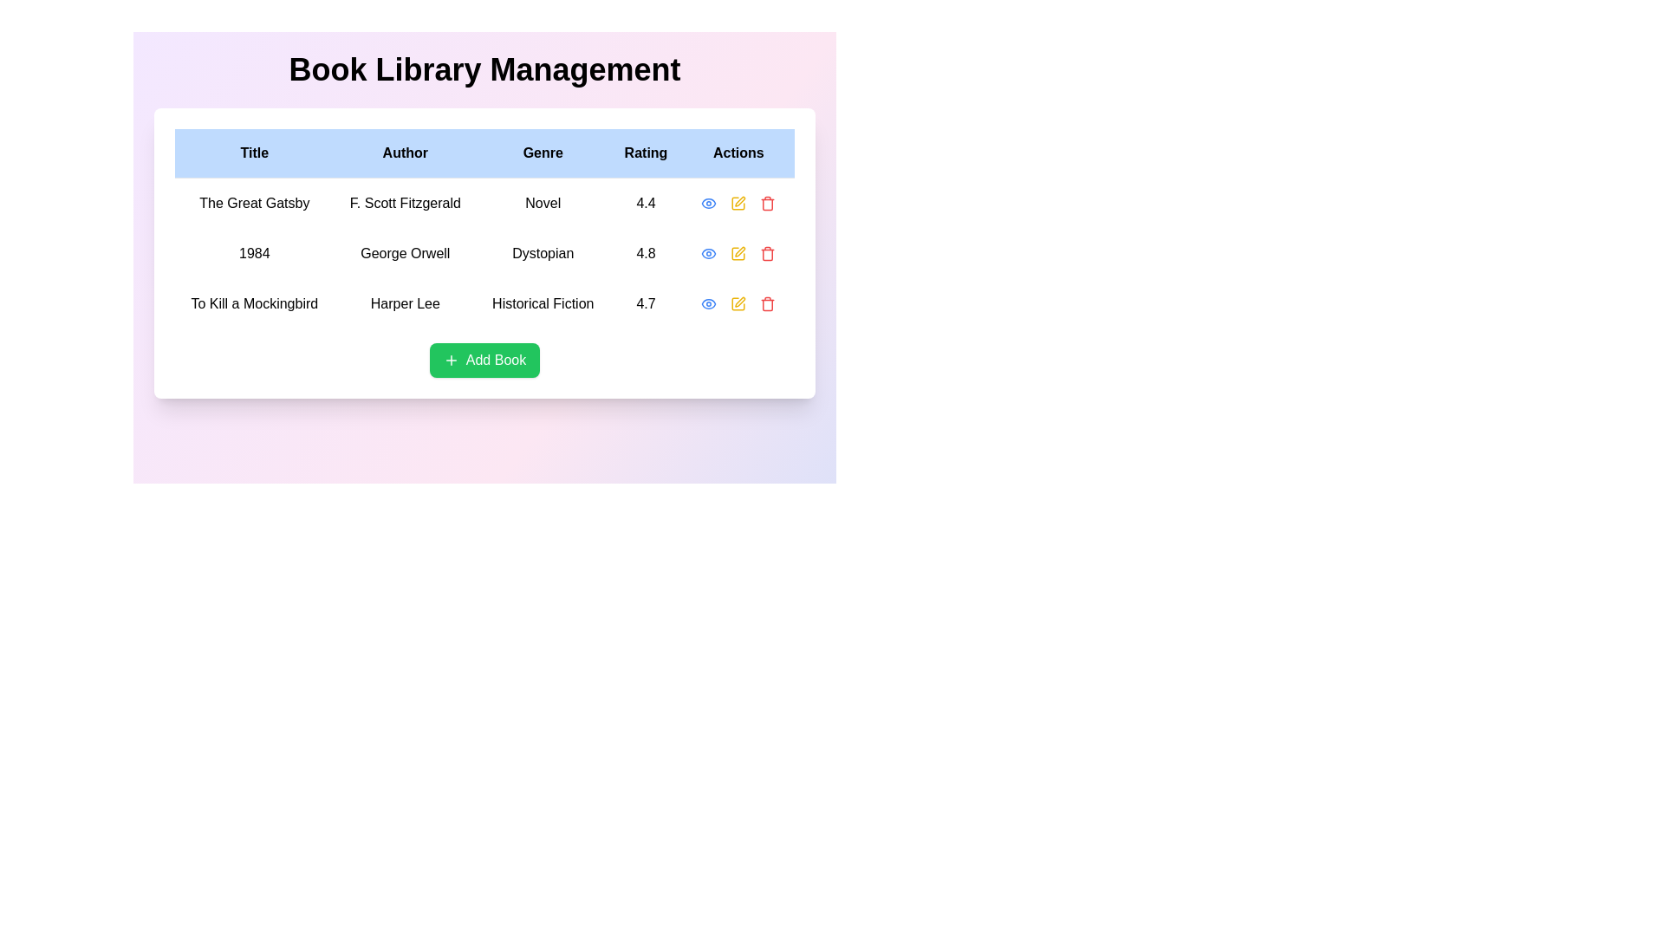 The width and height of the screenshot is (1664, 936). What do you see at coordinates (738, 254) in the screenshot?
I see `the yellow square-shaped edit icon with a pen overlay in the 'Actions' column of the second row to initiate editing of the '1984' book entry` at bounding box center [738, 254].